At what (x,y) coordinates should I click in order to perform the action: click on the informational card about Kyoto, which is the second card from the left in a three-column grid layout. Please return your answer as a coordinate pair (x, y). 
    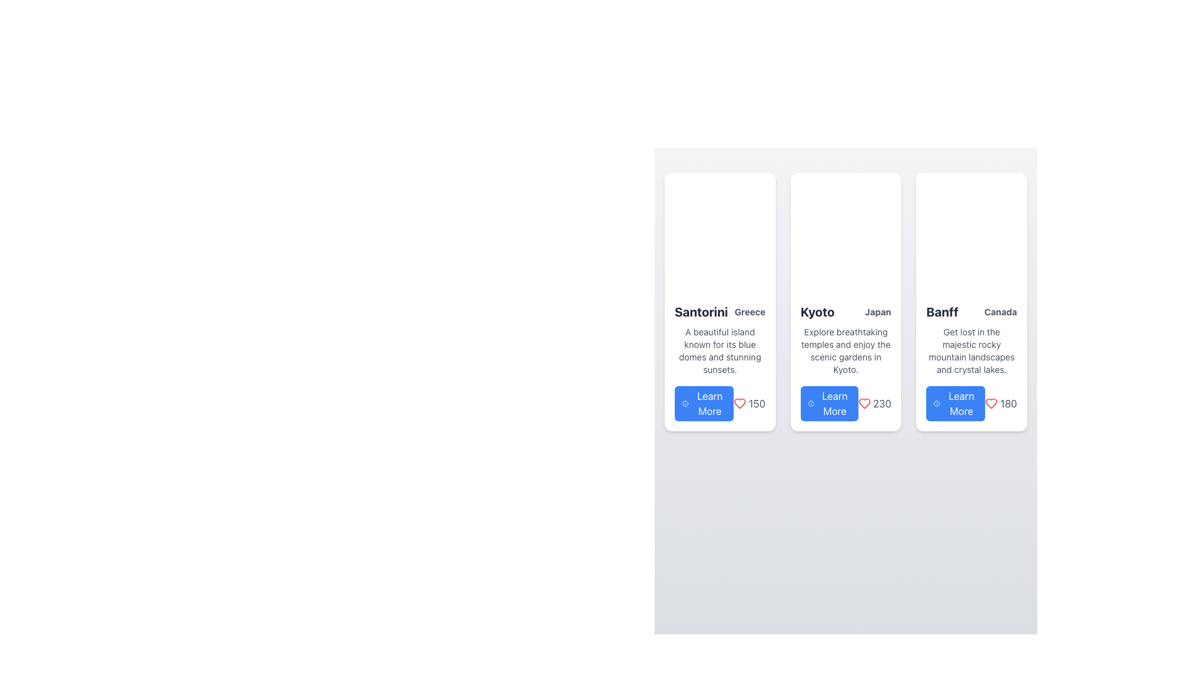
    Looking at the image, I should click on (845, 302).